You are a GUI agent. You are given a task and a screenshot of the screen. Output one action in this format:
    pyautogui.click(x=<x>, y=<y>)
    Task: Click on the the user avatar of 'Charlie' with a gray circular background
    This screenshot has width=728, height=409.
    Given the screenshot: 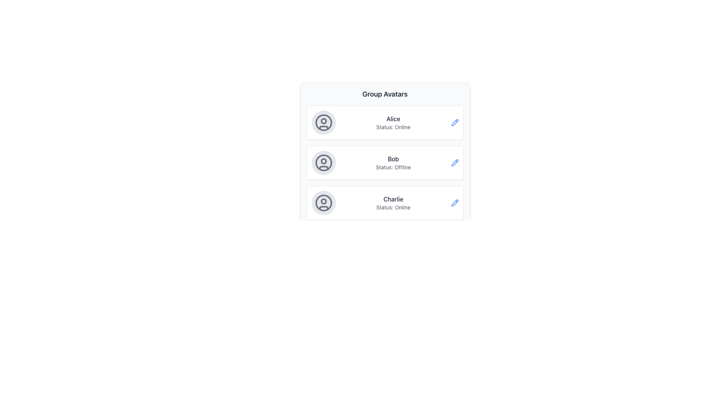 What is the action you would take?
    pyautogui.click(x=323, y=203)
    